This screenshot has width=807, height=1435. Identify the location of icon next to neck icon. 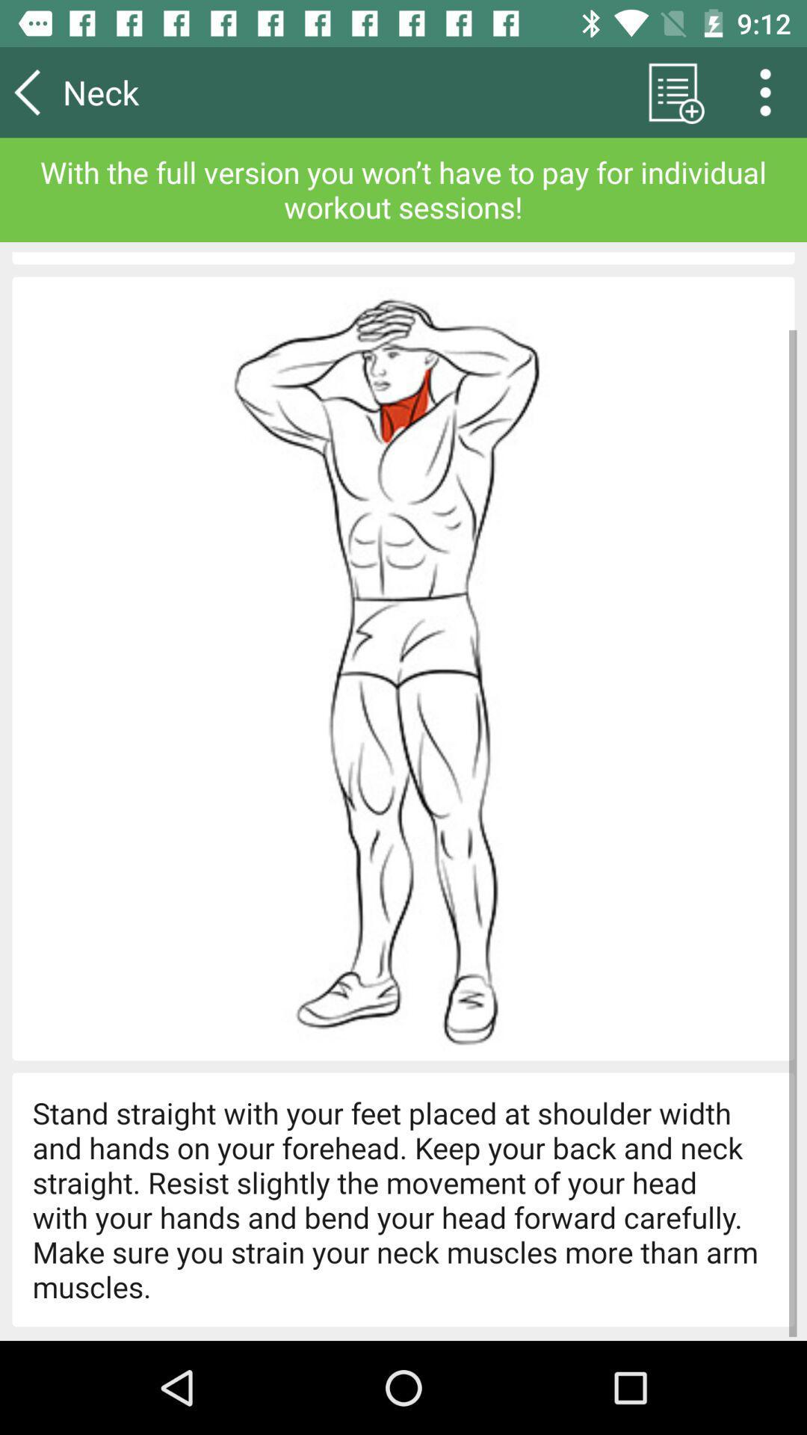
(672, 91).